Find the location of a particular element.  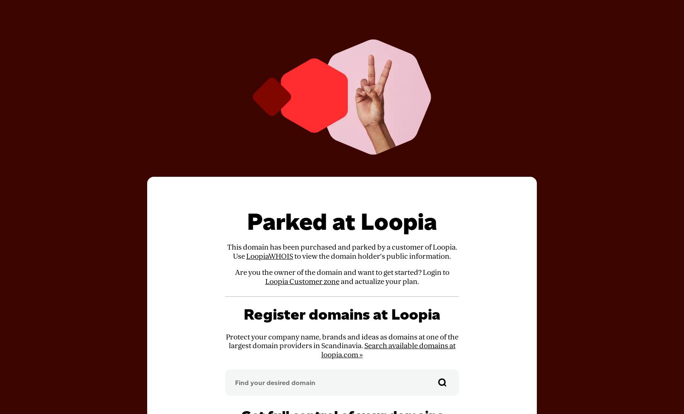

'Parked at Loopia' is located at coordinates (342, 221).